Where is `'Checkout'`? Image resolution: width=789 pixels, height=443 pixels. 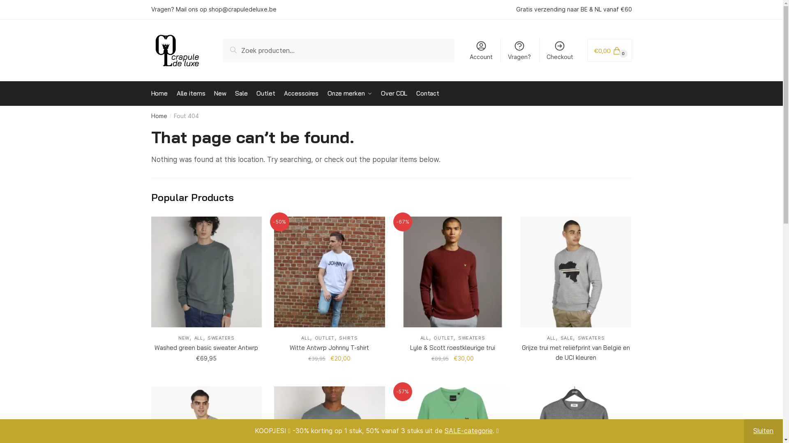 'Checkout' is located at coordinates (542, 50).